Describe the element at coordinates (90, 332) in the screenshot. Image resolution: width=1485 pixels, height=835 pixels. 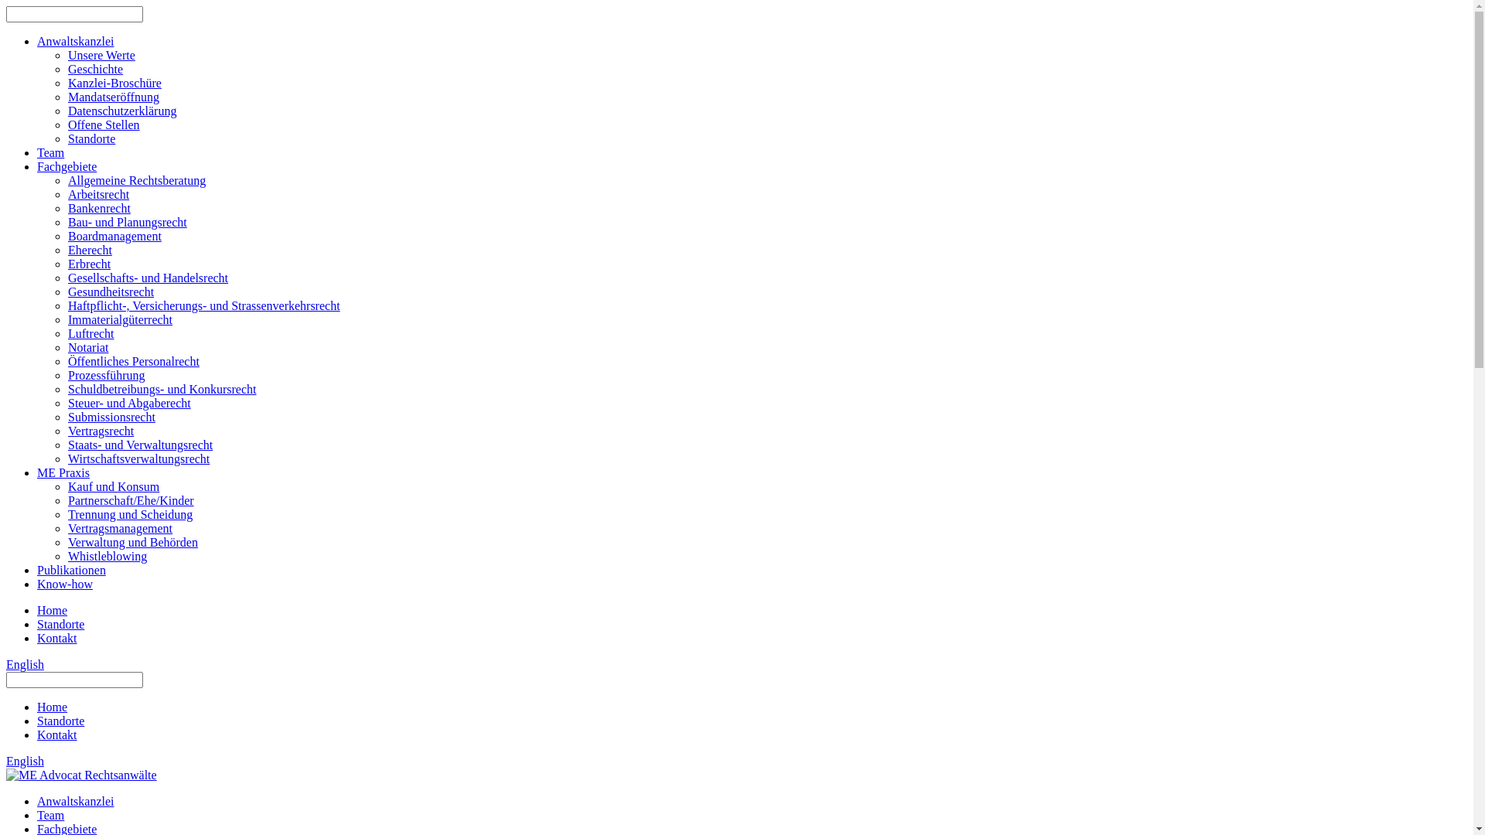
I see `'Luftrecht'` at that location.